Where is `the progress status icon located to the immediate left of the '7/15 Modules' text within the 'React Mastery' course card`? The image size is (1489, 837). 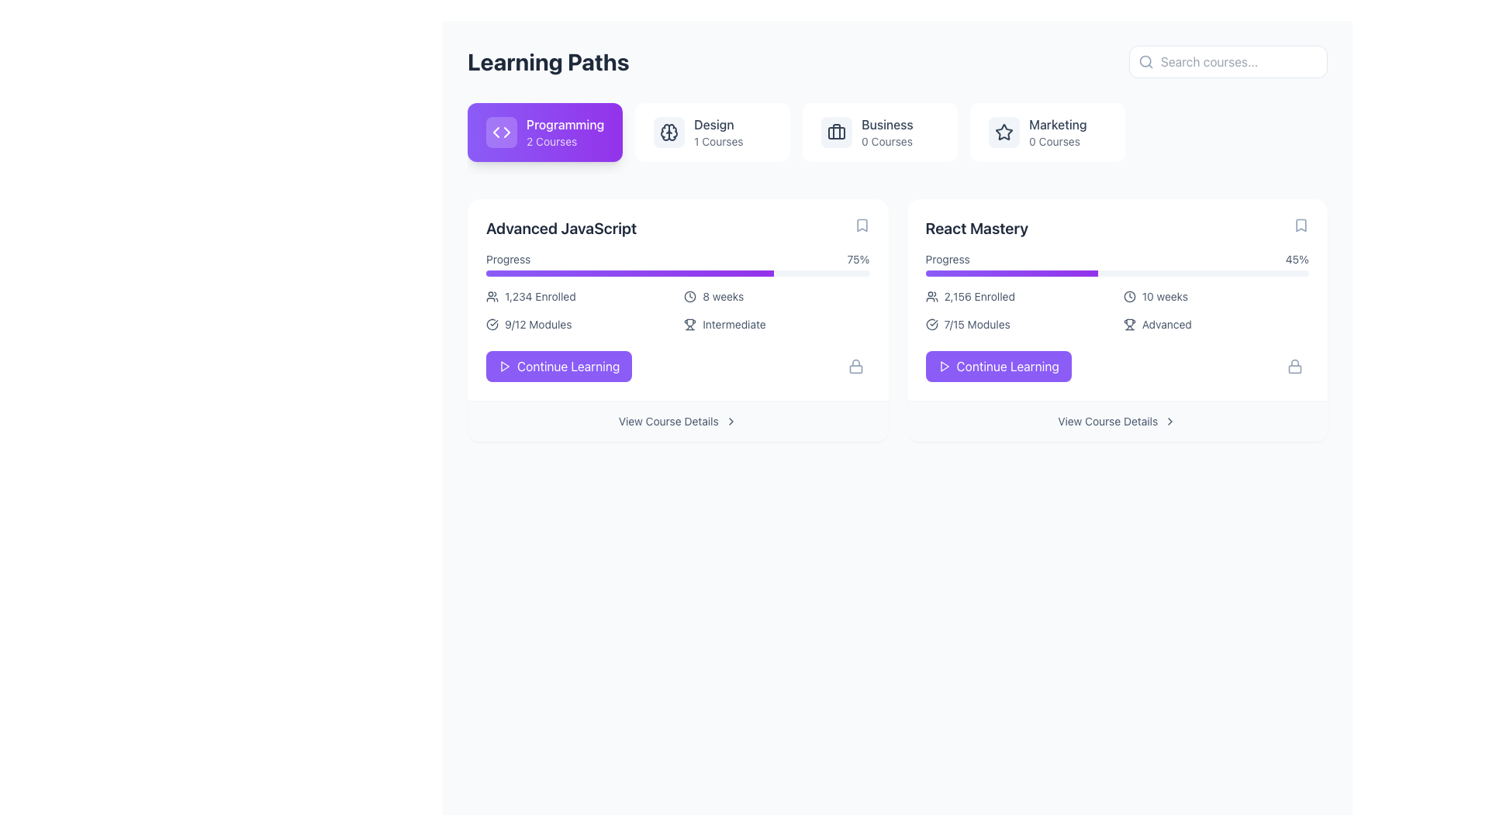
the progress status icon located to the immediate left of the '7/15 Modules' text within the 'React Mastery' course card is located at coordinates (931, 324).